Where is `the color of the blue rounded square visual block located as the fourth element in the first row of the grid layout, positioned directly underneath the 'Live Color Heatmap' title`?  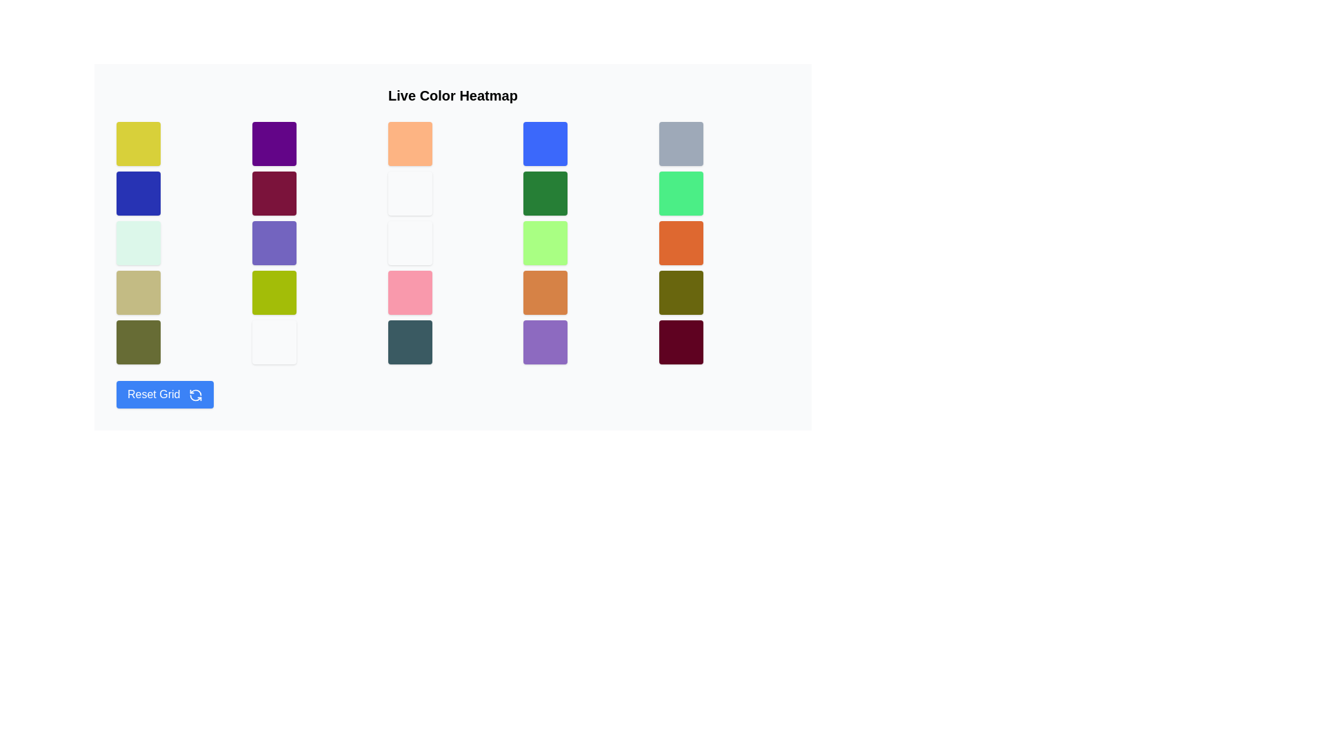
the color of the blue rounded square visual block located as the fourth element in the first row of the grid layout, positioned directly underneath the 'Live Color Heatmap' title is located at coordinates (545, 143).